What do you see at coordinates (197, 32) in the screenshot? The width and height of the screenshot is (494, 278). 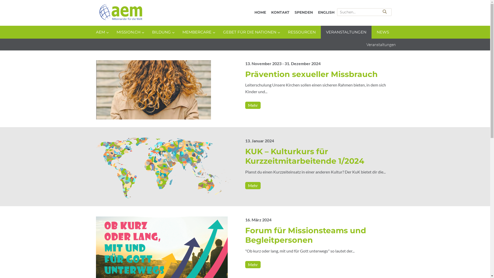 I see `'MEMBERCARE'` at bounding box center [197, 32].